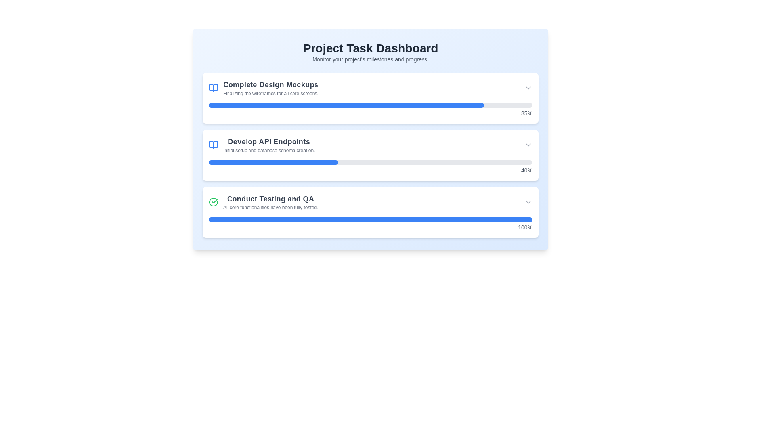 Image resolution: width=761 pixels, height=428 pixels. Describe the element at coordinates (270, 207) in the screenshot. I see `the non-interactive text label providing status messages located below the heading 'Conduct Testing and QA' in the bottom-right section of the card layout` at that location.